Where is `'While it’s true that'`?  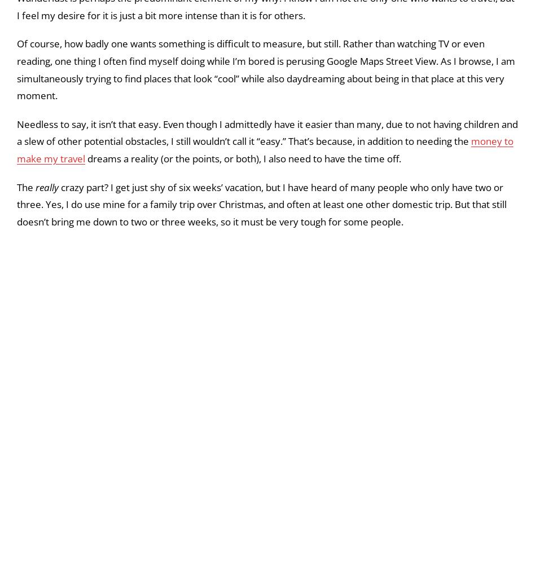 'While it’s true that' is located at coordinates (58, 69).